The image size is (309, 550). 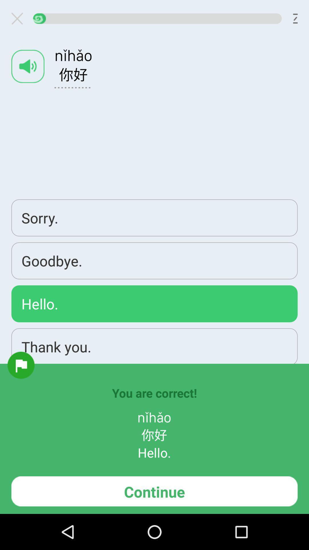 What do you see at coordinates (28, 66) in the screenshot?
I see `app above the sorry.` at bounding box center [28, 66].